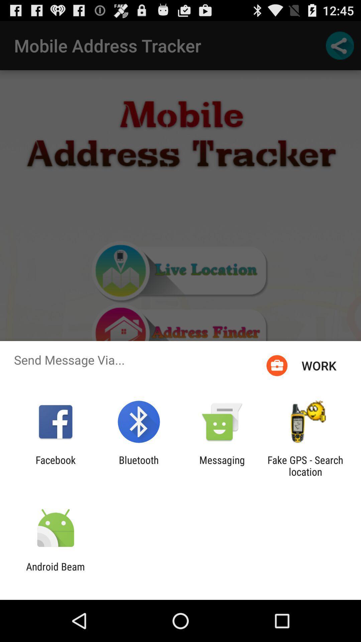 This screenshot has width=361, height=642. I want to click on app next to the messaging icon, so click(138, 465).